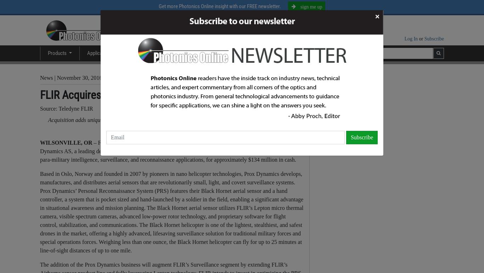 The height and width of the screenshot is (273, 484). What do you see at coordinates (311, 7) in the screenshot?
I see `'sign me up'` at bounding box center [311, 7].